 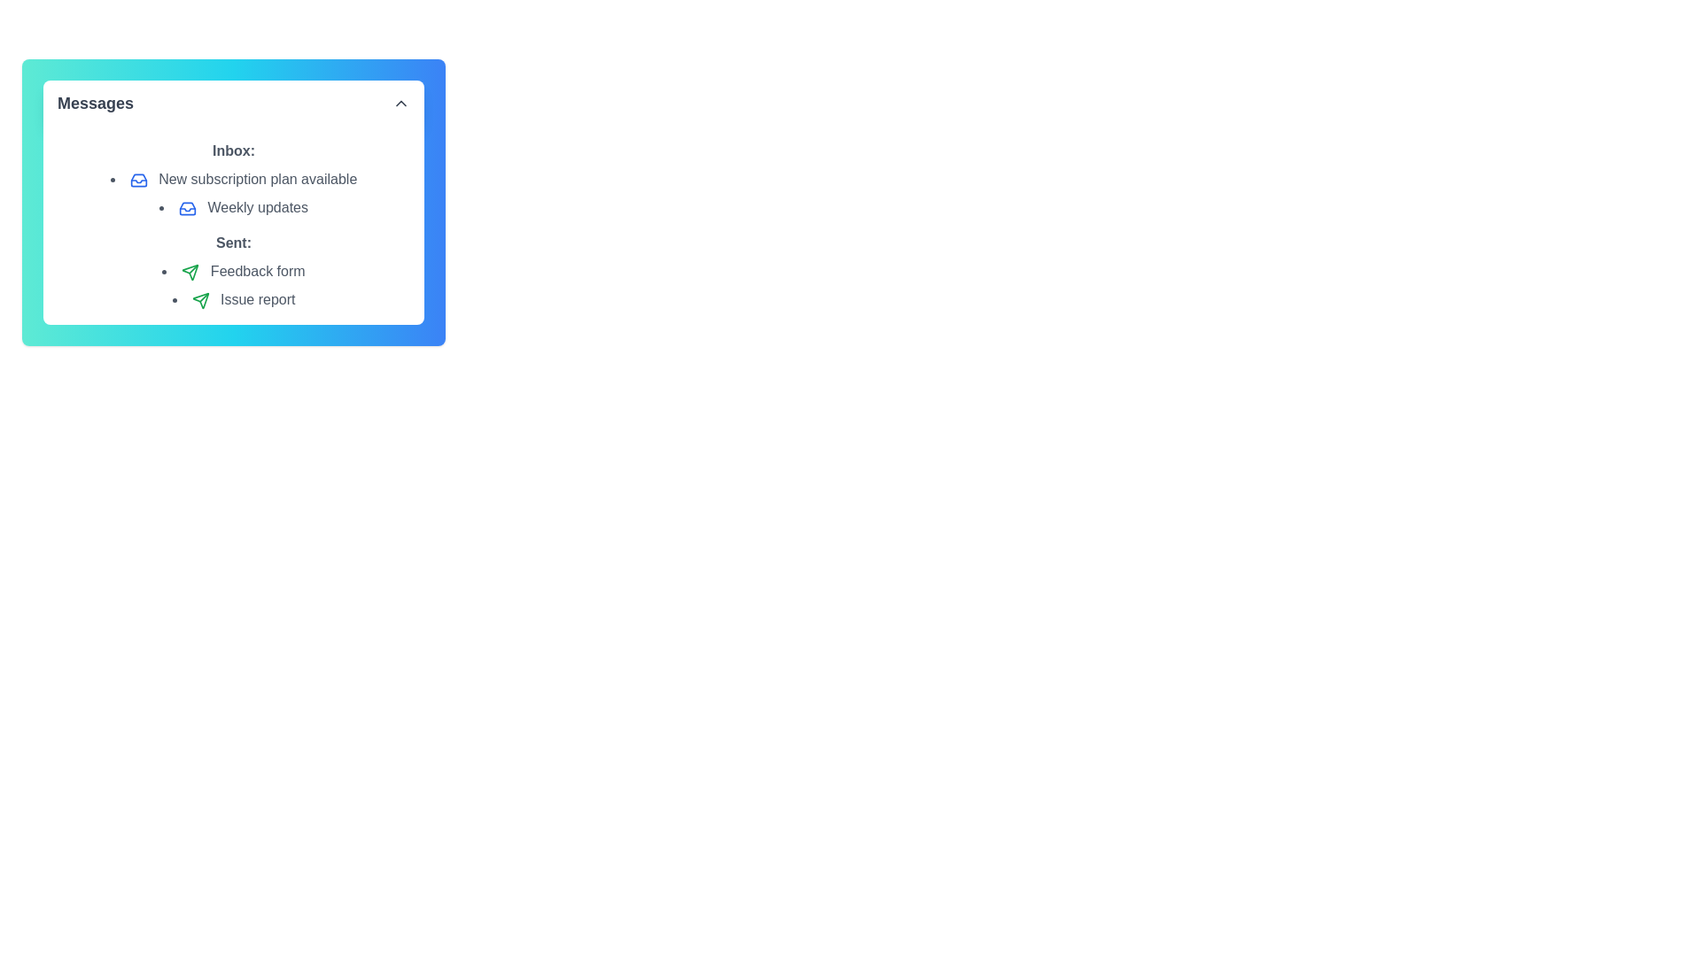 What do you see at coordinates (200, 299) in the screenshot?
I see `the decorative SVG element representing the 'Sent' items section, located just before the 'Feedback form' list item` at bounding box center [200, 299].